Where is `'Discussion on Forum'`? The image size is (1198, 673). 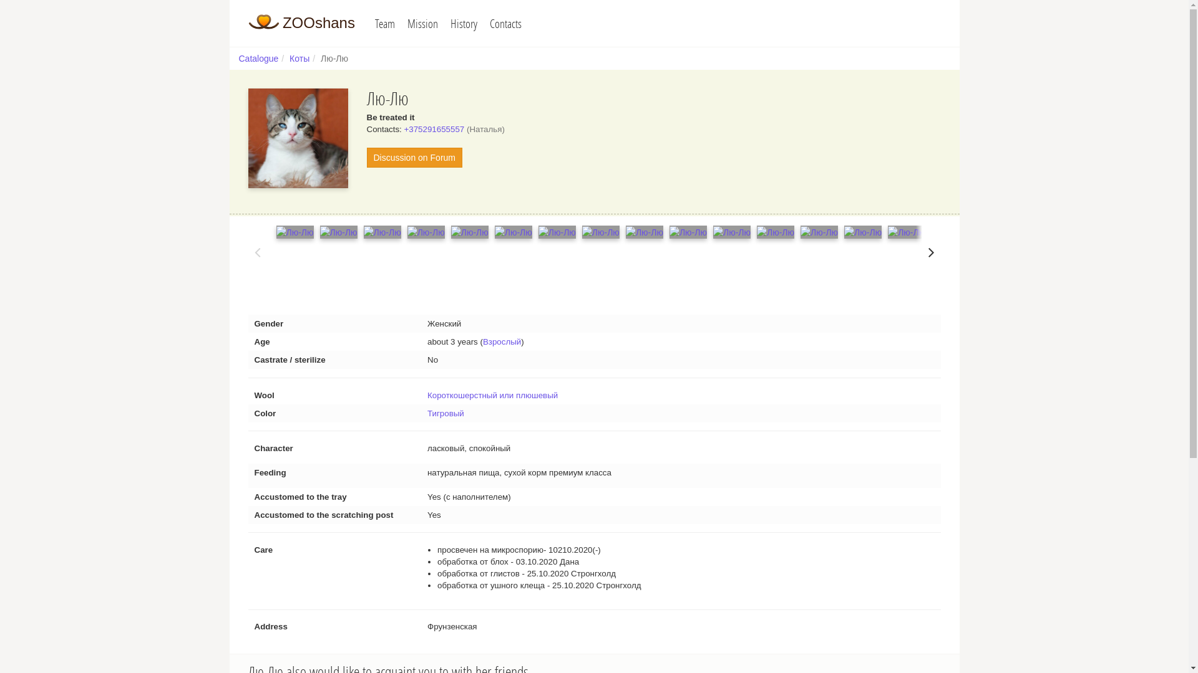 'Discussion on Forum' is located at coordinates (415, 157).